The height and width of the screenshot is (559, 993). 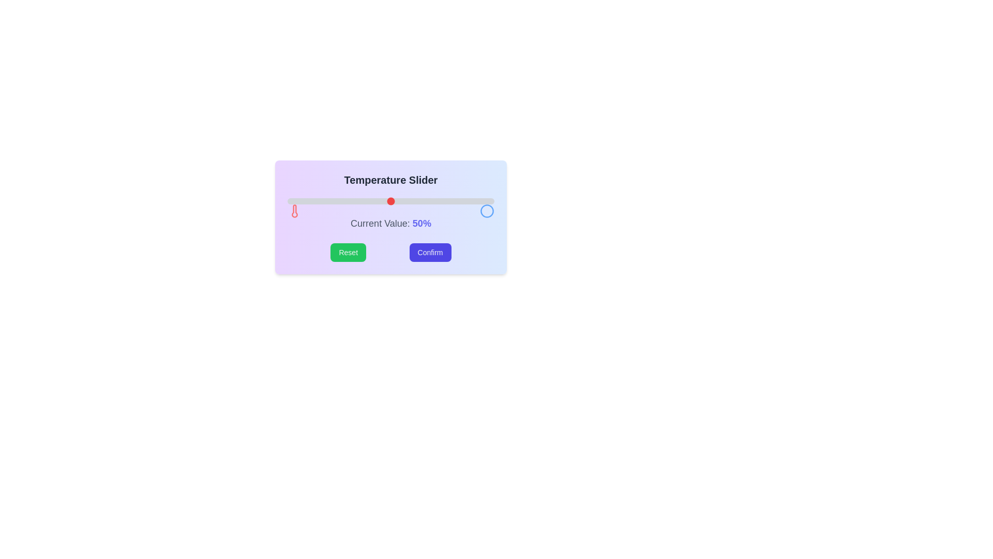 What do you see at coordinates (355, 201) in the screenshot?
I see `the slider to set the value to 33` at bounding box center [355, 201].